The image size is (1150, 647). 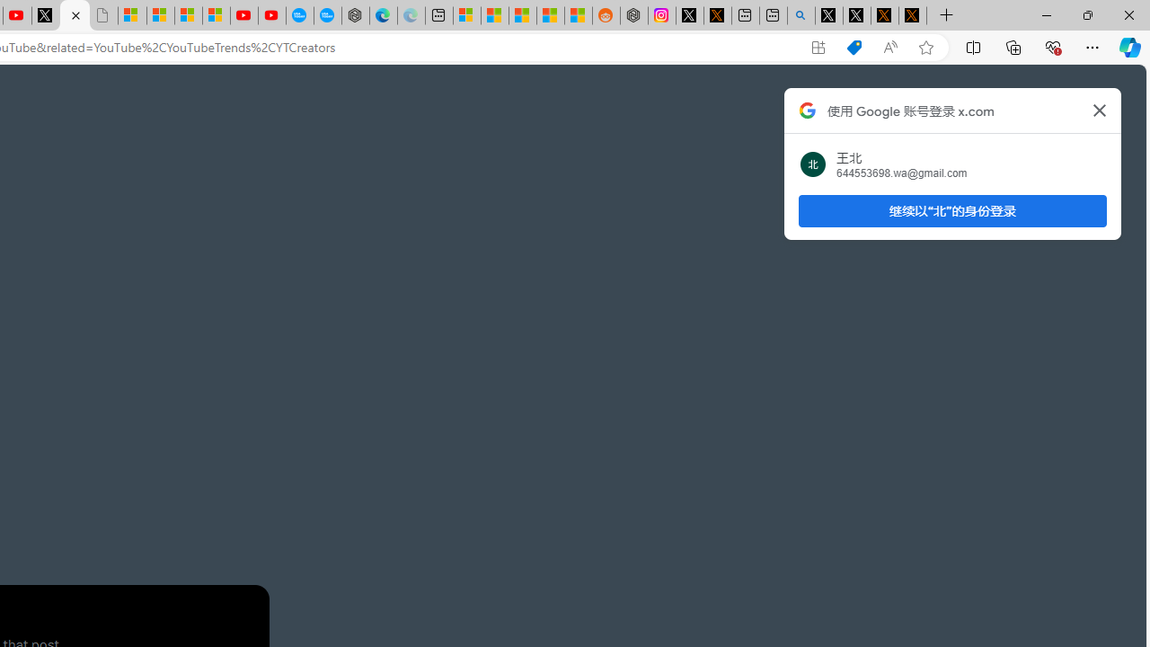 I want to click on 'New Tab', so click(x=945, y=15).